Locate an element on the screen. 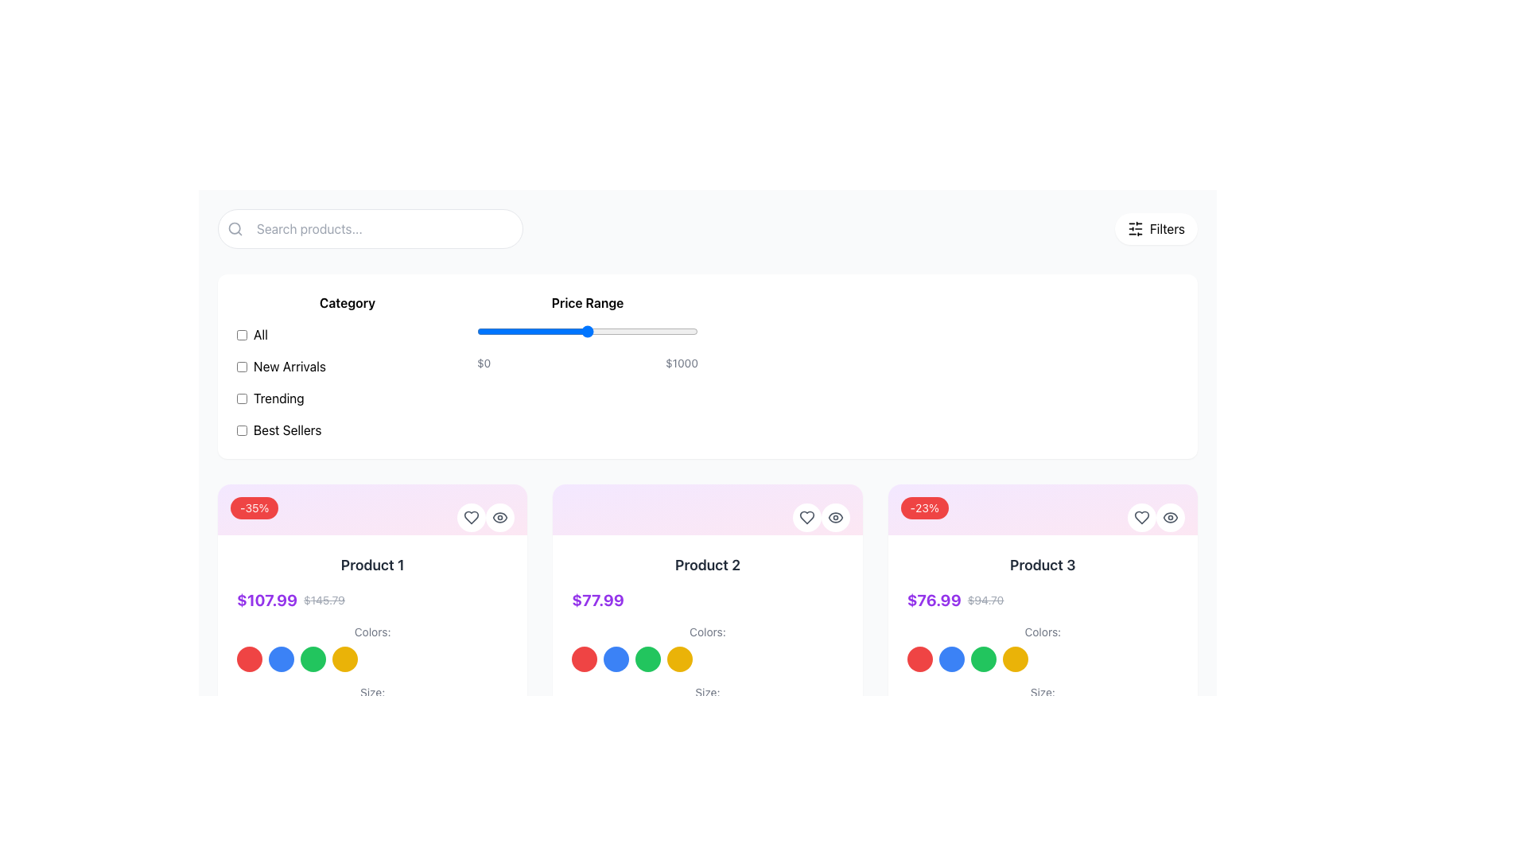 This screenshot has height=859, width=1527. the text label that identifies the product in the second product card, located prominently above the price information is located at coordinates (706, 564).